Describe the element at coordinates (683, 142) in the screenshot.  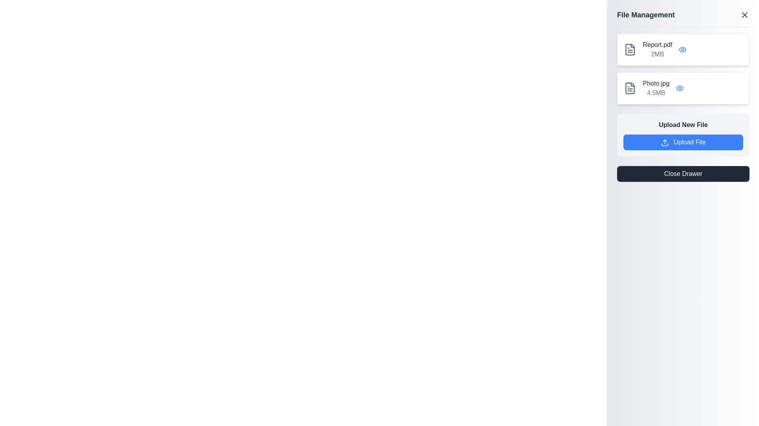
I see `the 'Upload File' button, which is a rectangular button with rounded corners, light blue background, and white text, to initiate the file upload process` at that location.